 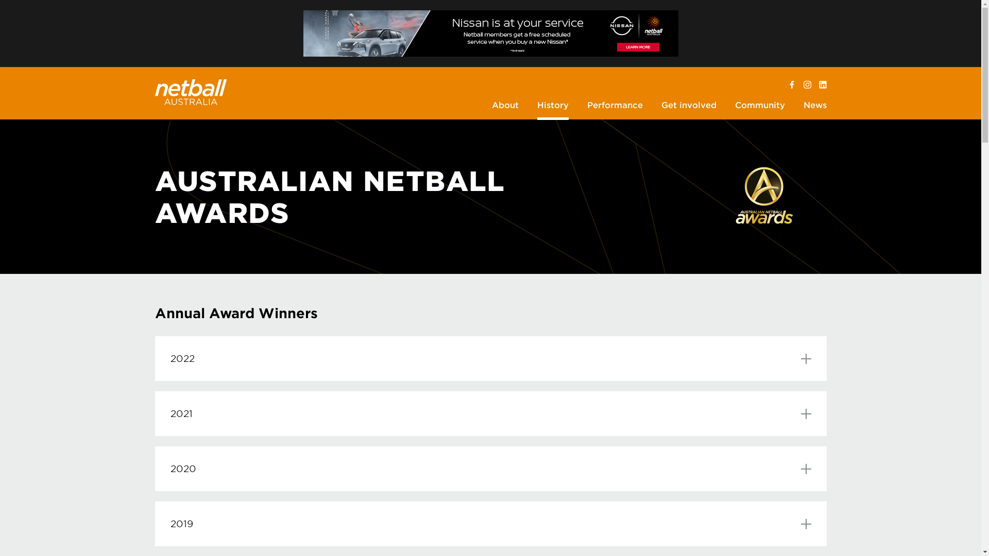 What do you see at coordinates (615, 106) in the screenshot?
I see `'Performance'` at bounding box center [615, 106].